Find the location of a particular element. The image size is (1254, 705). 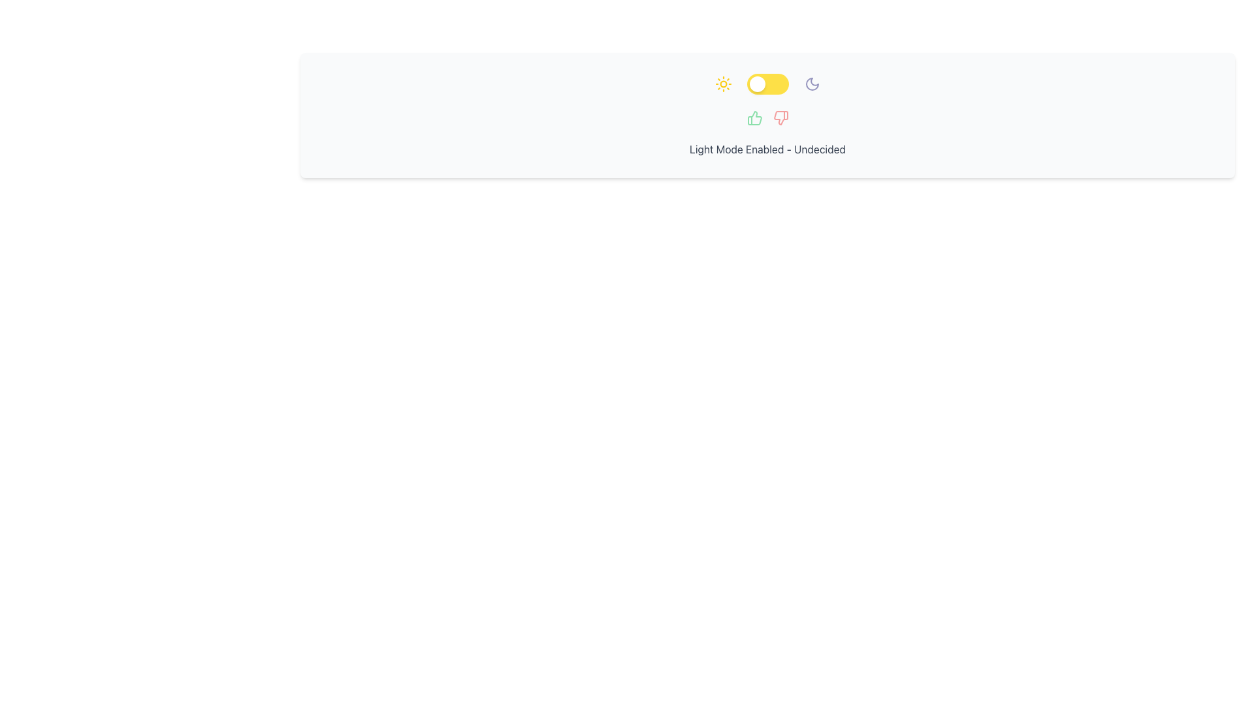

the crescent moon icon located at the rightmost position in the control bar is located at coordinates (811, 84).